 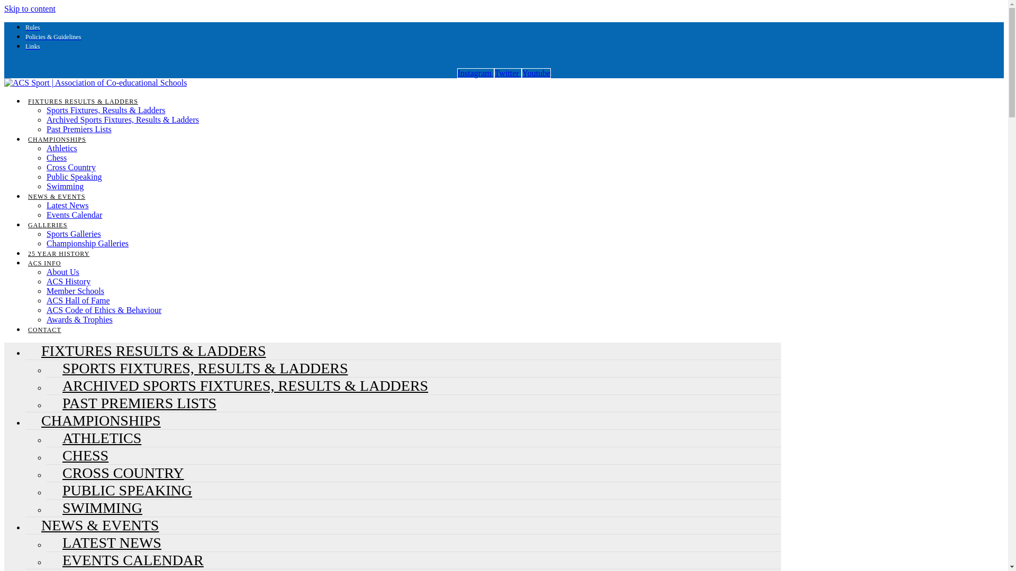 What do you see at coordinates (62, 271) in the screenshot?
I see `'About Us'` at bounding box center [62, 271].